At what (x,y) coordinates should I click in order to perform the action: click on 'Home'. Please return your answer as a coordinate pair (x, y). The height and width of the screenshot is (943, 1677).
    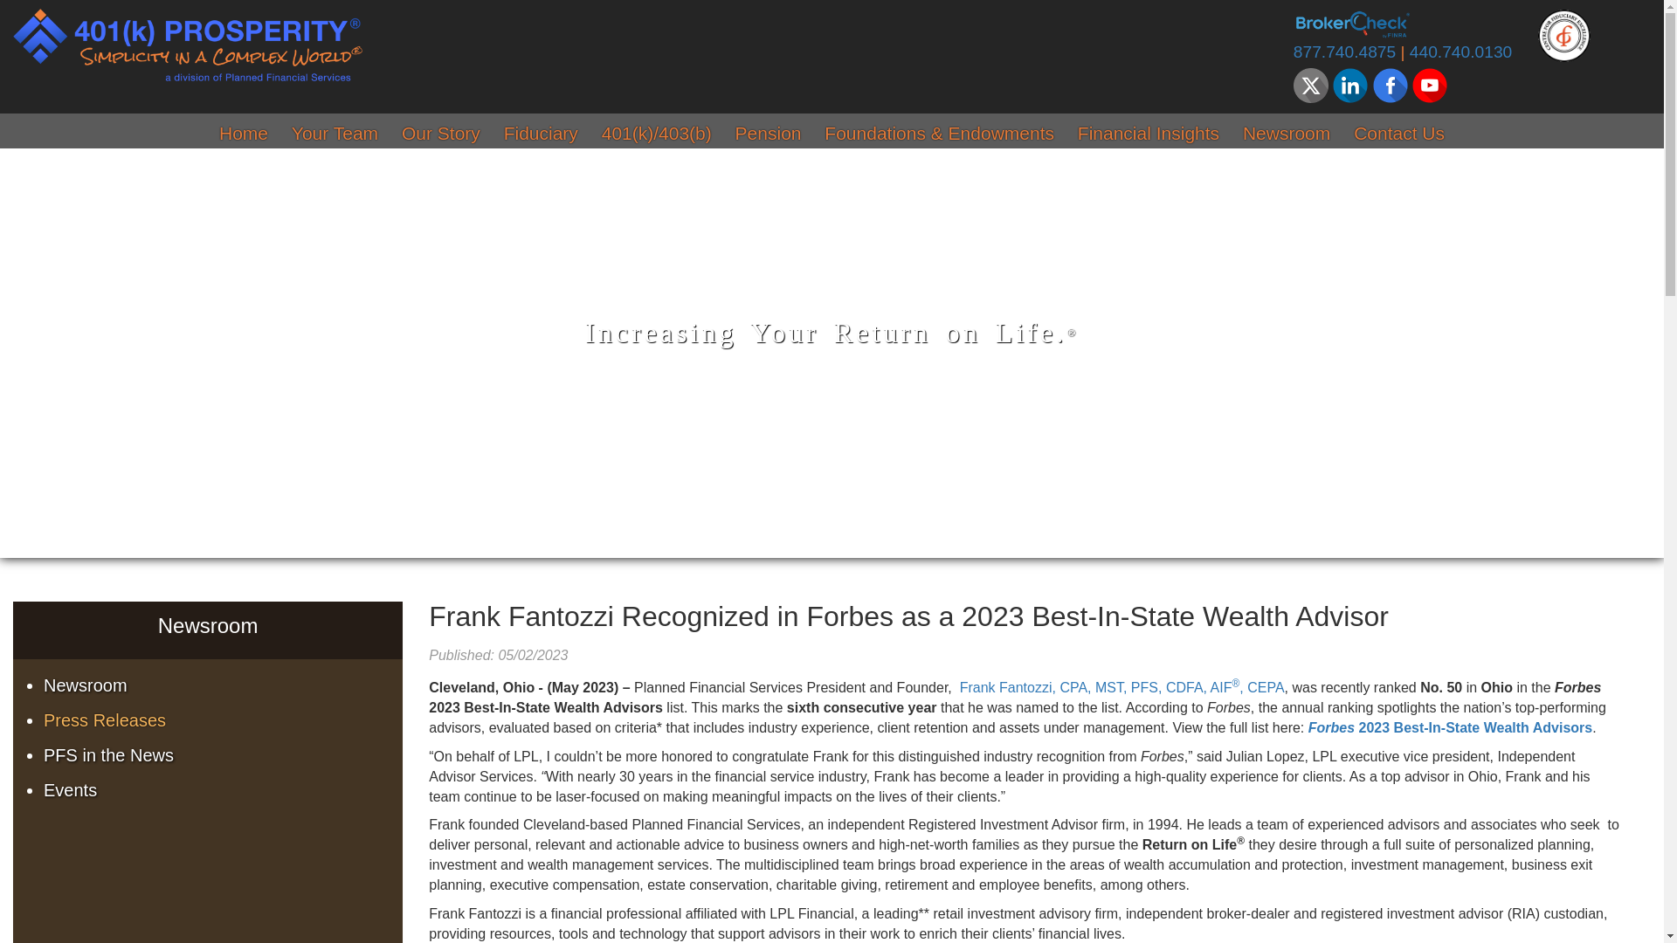
    Looking at the image, I should click on (242, 134).